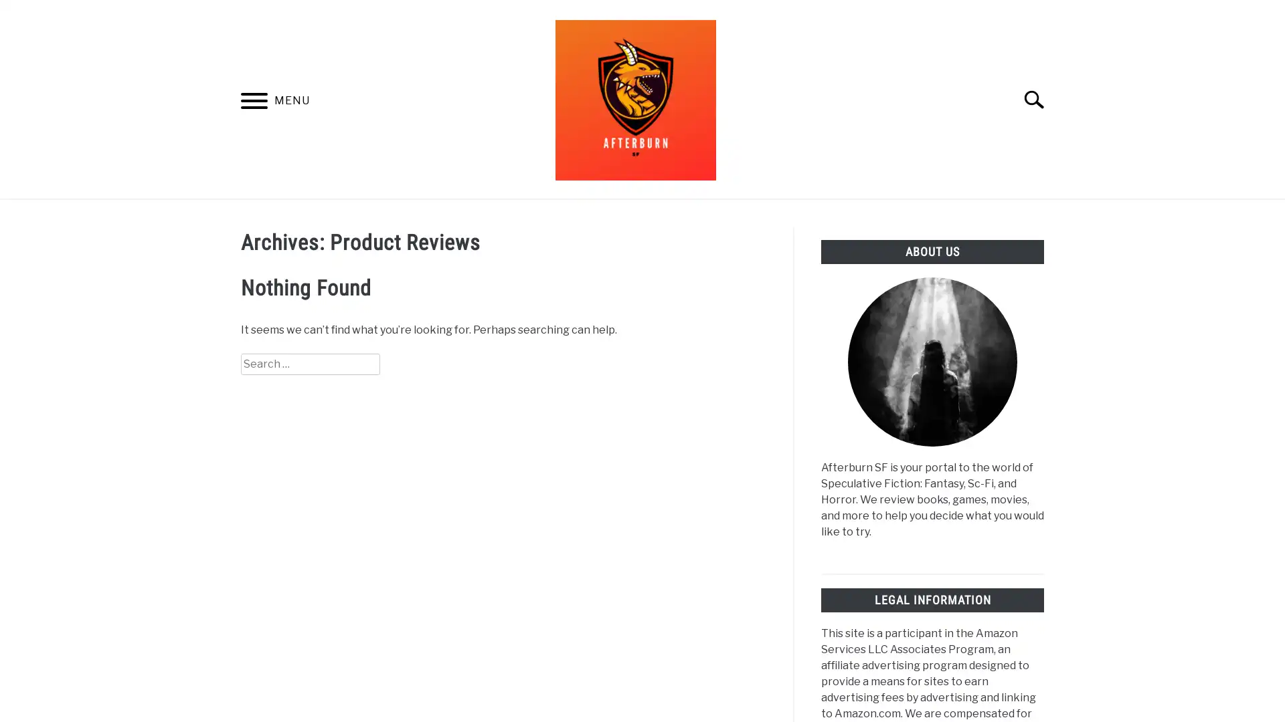 This screenshot has width=1285, height=722. What do you see at coordinates (254, 102) in the screenshot?
I see `Menu` at bounding box center [254, 102].